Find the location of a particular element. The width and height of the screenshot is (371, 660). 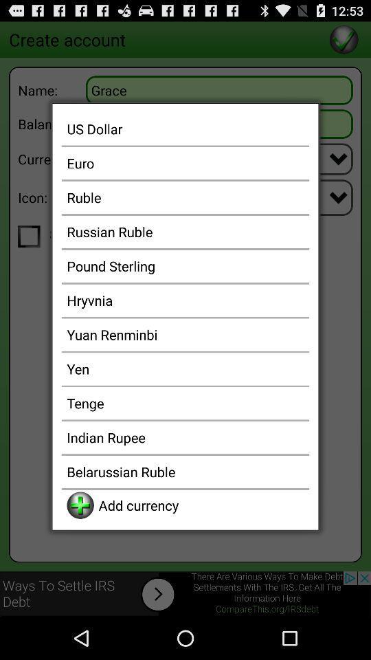

icon below the yuan renminbi app is located at coordinates (185, 368).